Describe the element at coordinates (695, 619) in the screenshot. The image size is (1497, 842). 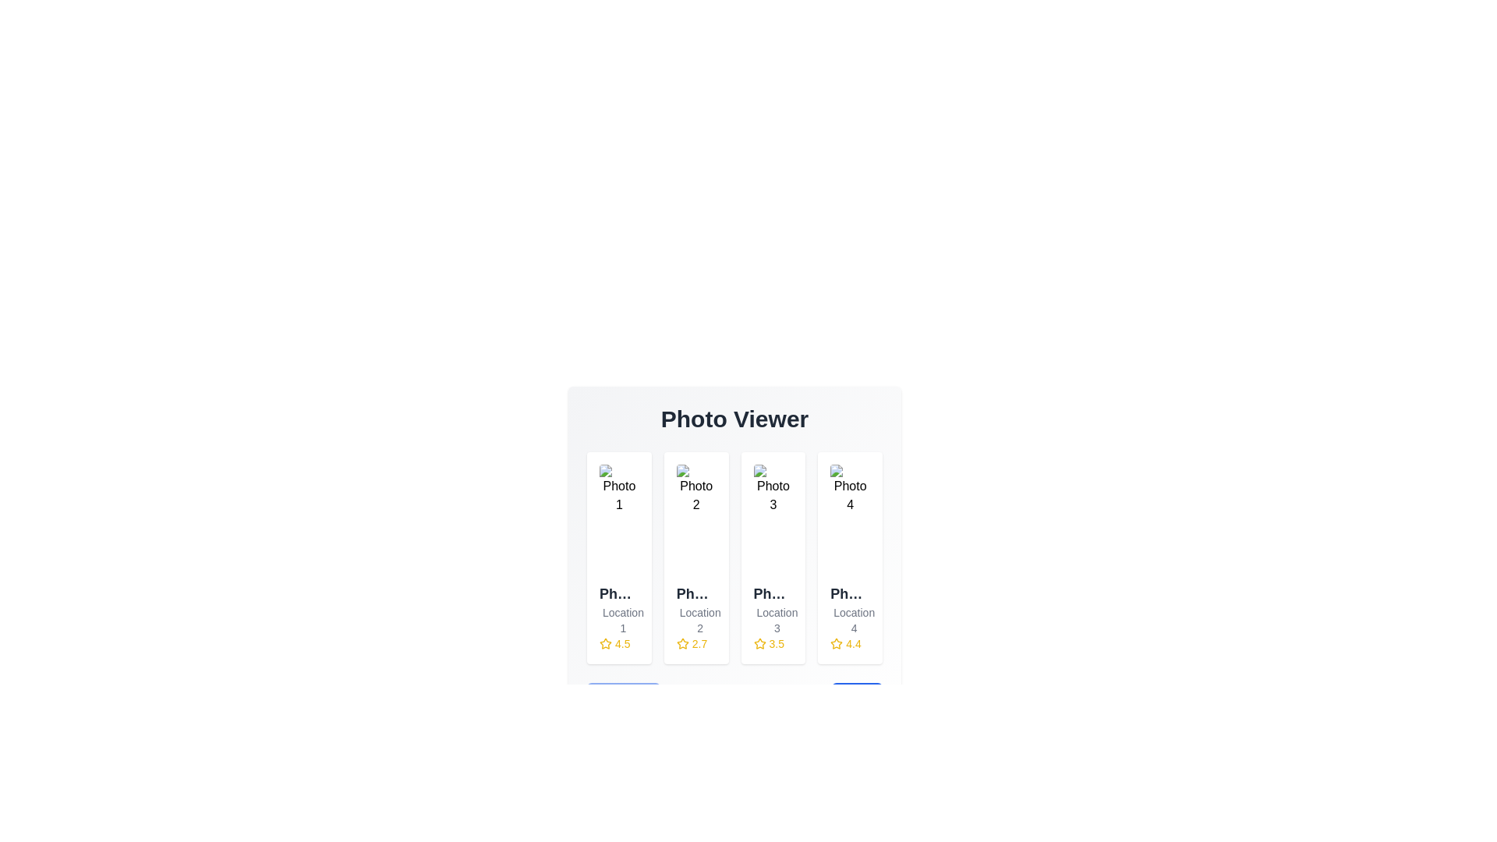
I see `the static text label that indicates the location associated with the photo shown in the second card of the grid, positioned beneath 'Photo 2' and above the rating element '2.7'` at that location.